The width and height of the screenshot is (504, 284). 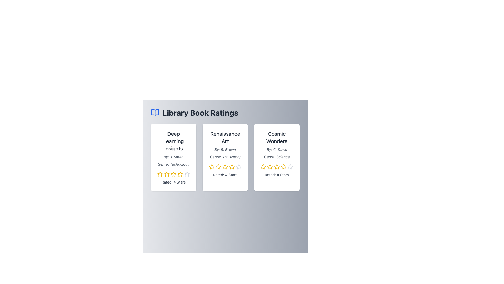 What do you see at coordinates (166, 174) in the screenshot?
I see `the second star icon in the five-star rating system below the 'Deep Learning Insights' card` at bounding box center [166, 174].